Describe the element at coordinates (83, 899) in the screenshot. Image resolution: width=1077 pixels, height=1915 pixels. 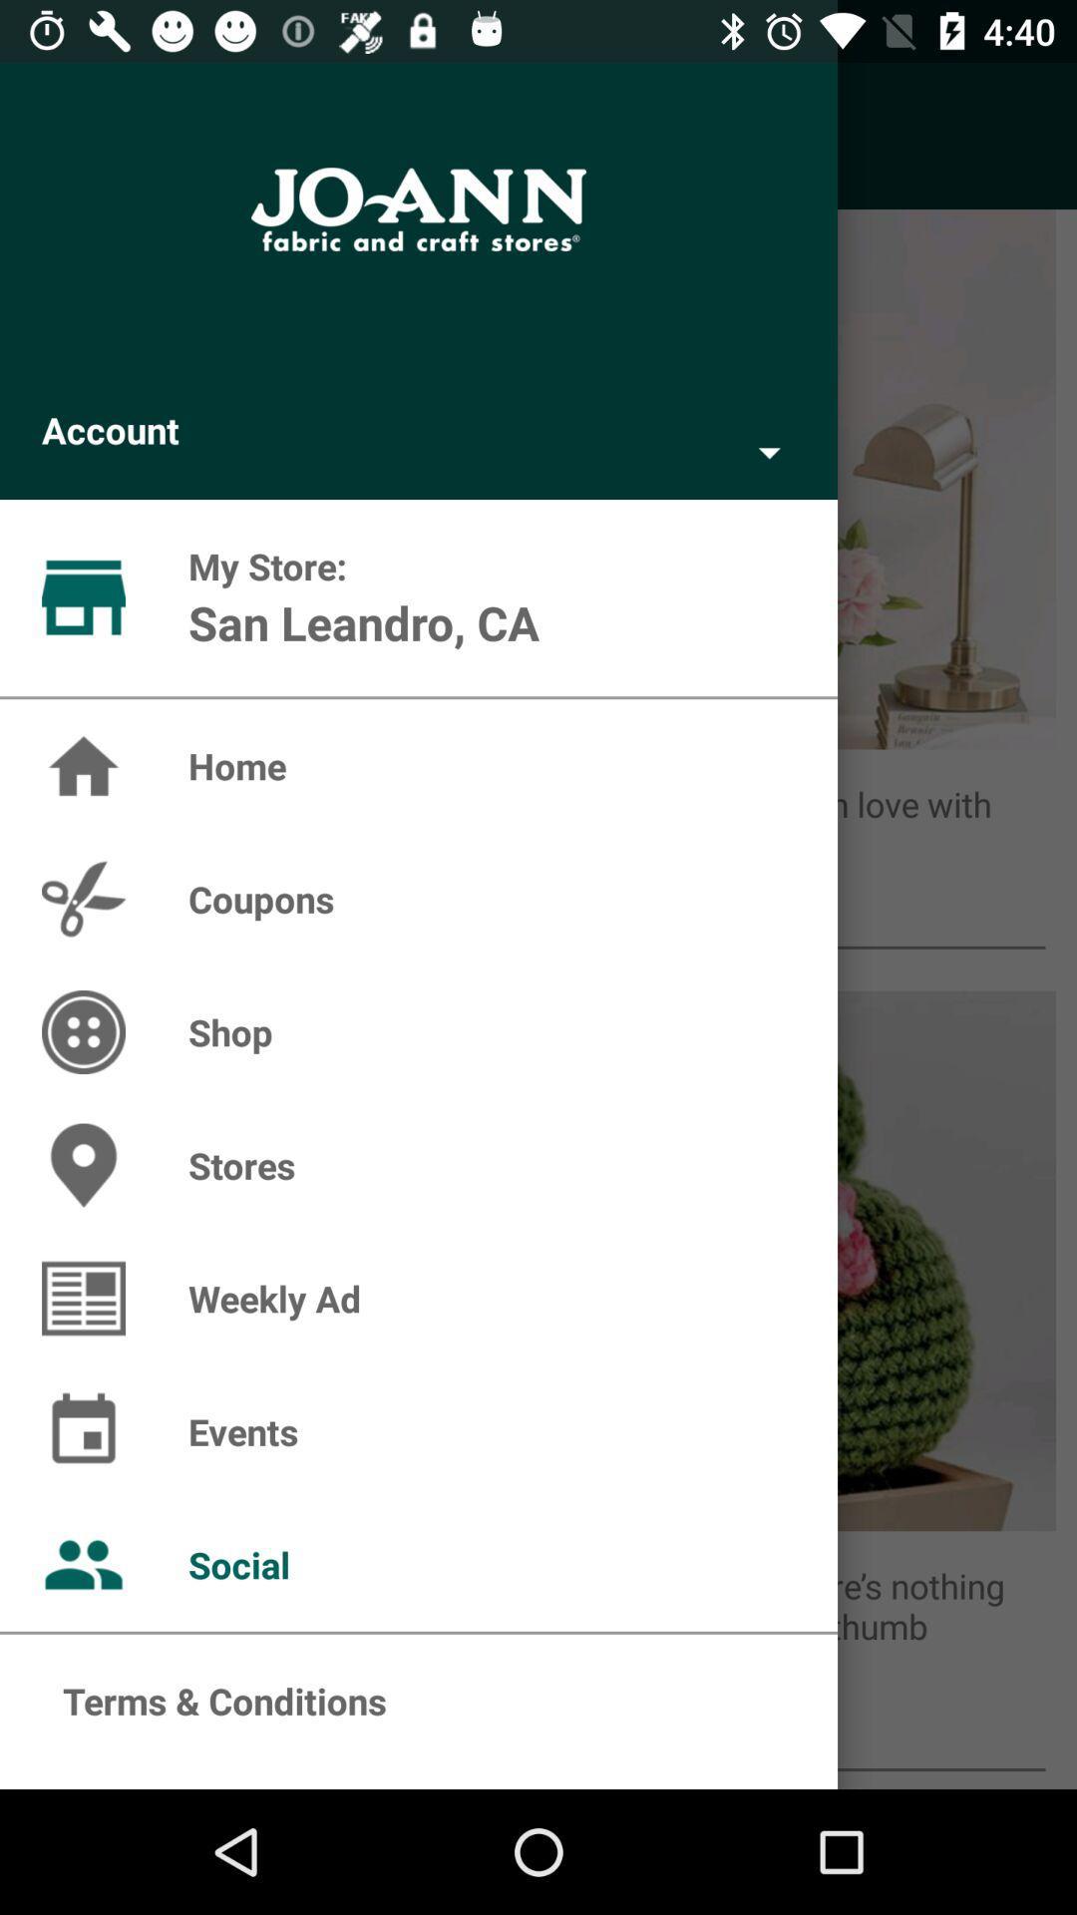
I see `scissor icon` at that location.